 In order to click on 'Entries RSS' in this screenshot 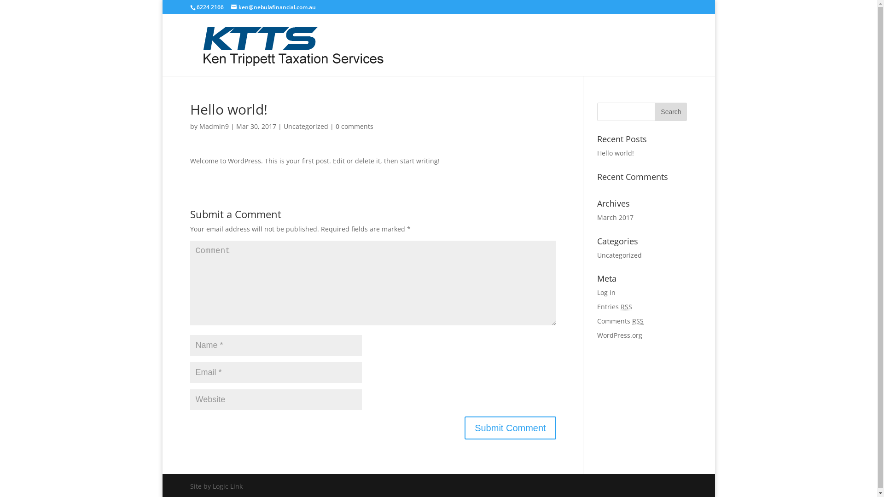, I will do `click(614, 306)`.